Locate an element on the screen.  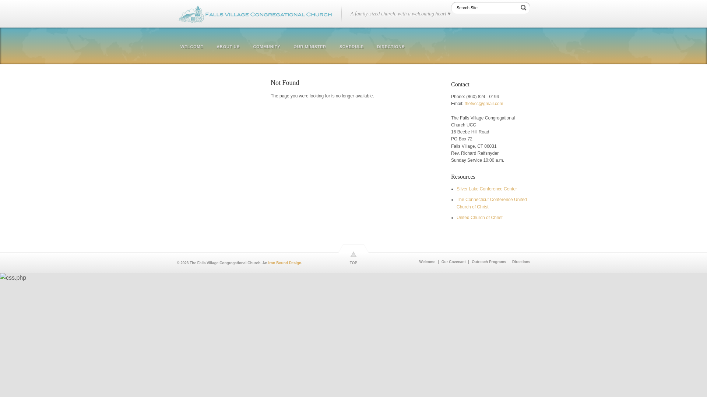
'COMMUNITY' is located at coordinates (266, 47).